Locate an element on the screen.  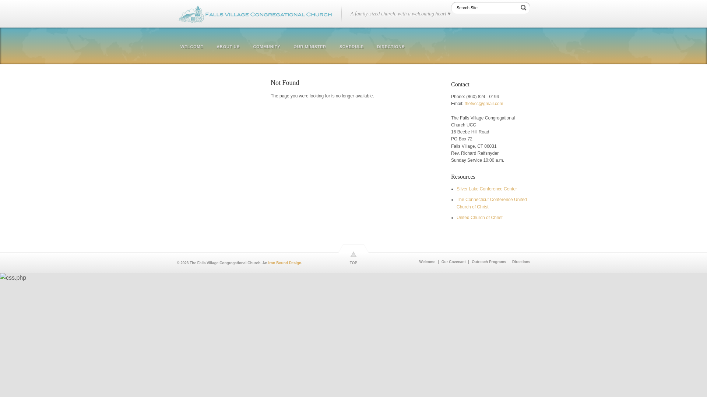
'COMMUNITY' is located at coordinates (266, 47).